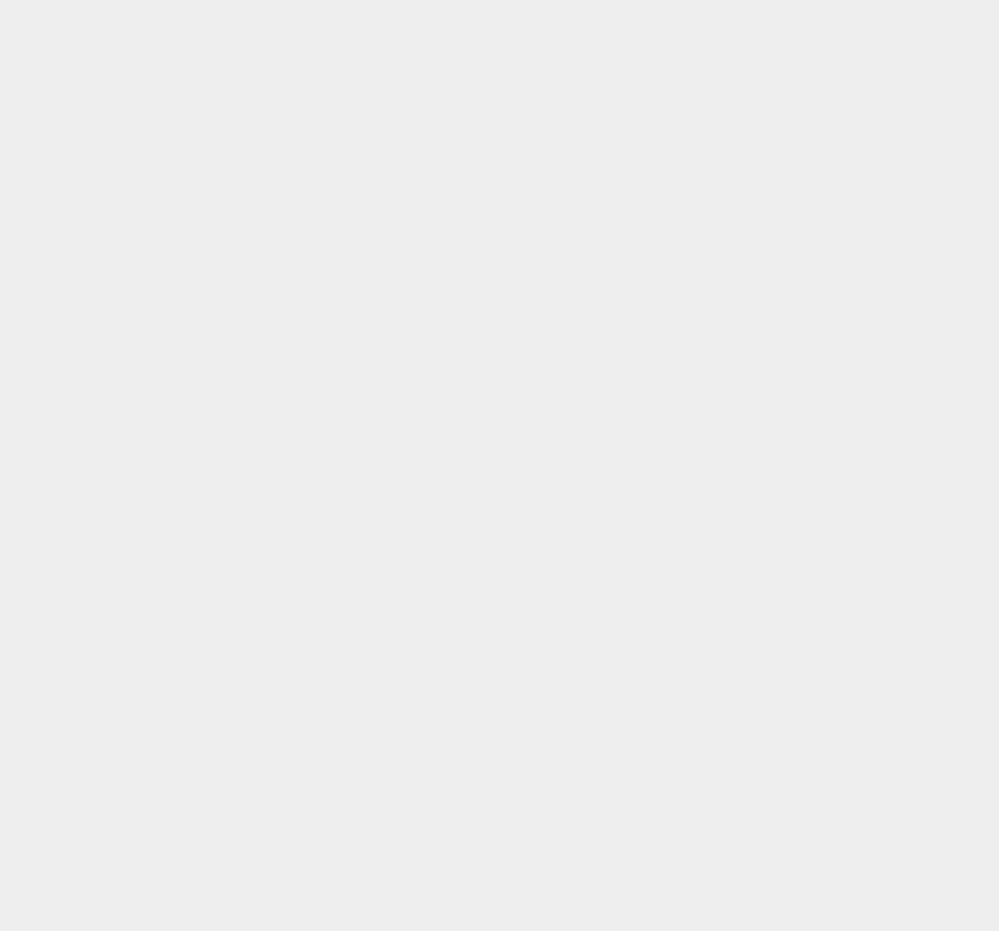 This screenshot has width=999, height=931. I want to click on 'OS X Yosemite', so click(744, 315).